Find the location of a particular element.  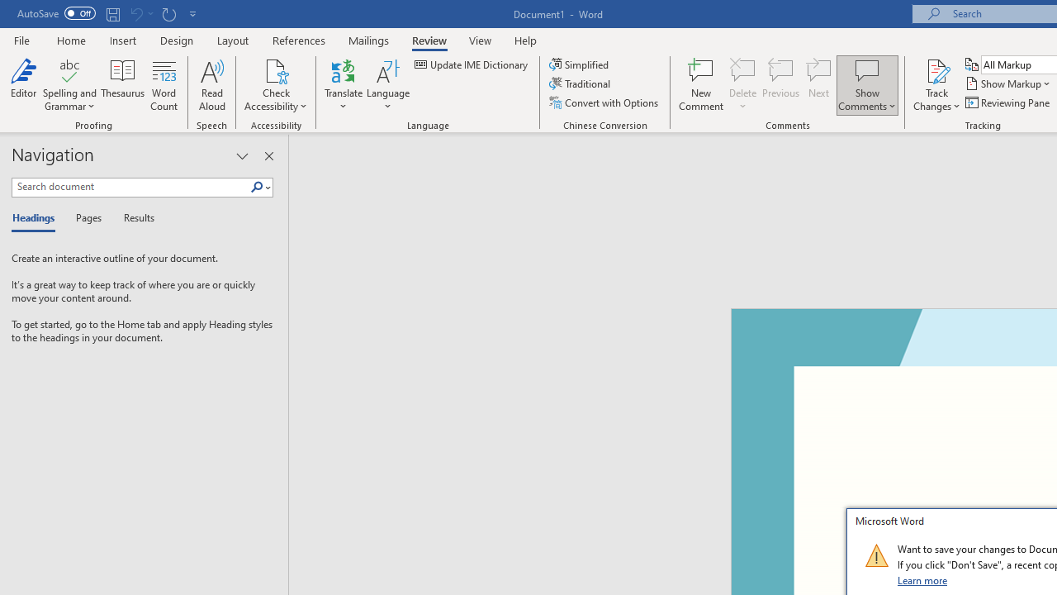

'Editor' is located at coordinates (23, 85).